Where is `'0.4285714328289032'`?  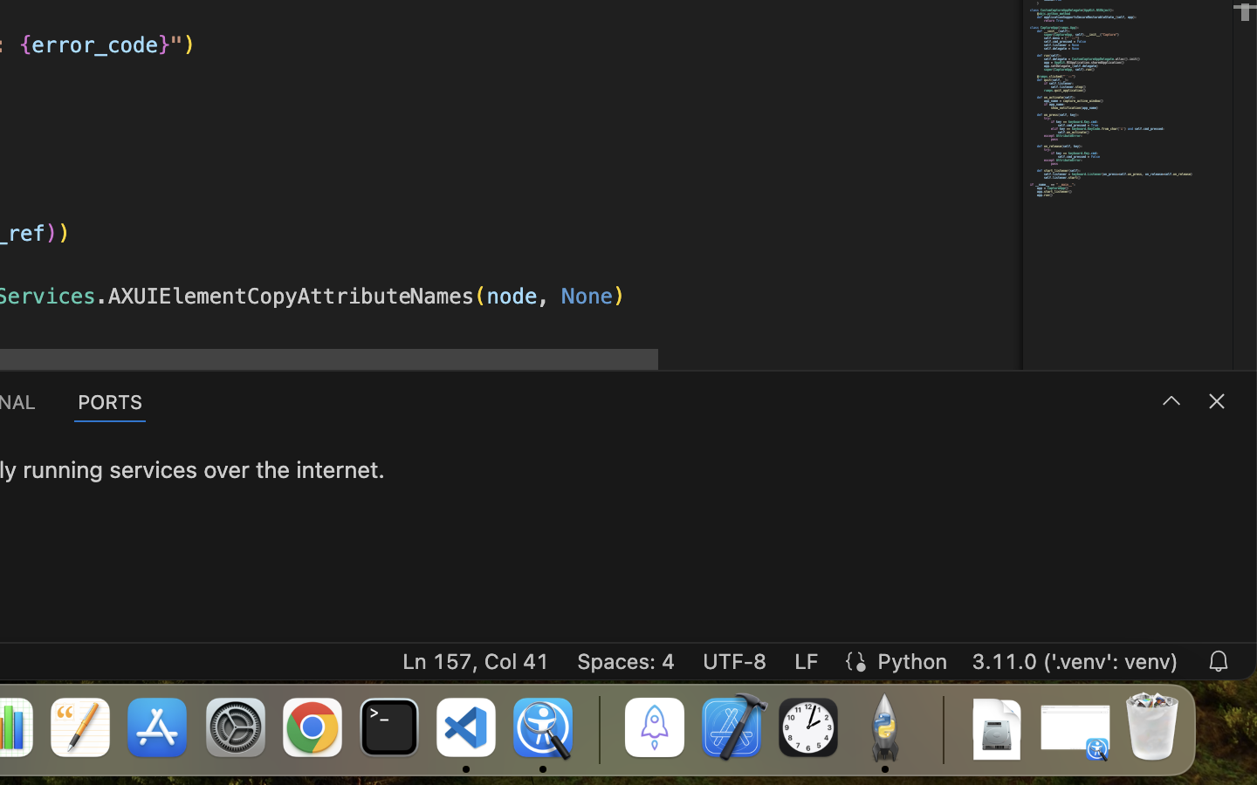 '0.4285714328289032' is located at coordinates (598, 728).